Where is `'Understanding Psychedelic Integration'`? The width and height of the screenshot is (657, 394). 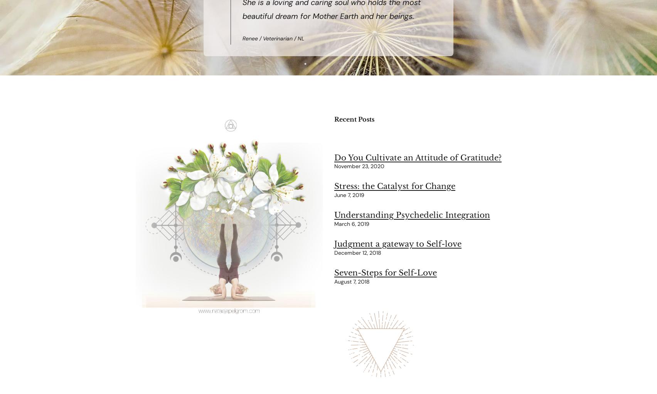
'Understanding Psychedelic Integration' is located at coordinates (411, 215).